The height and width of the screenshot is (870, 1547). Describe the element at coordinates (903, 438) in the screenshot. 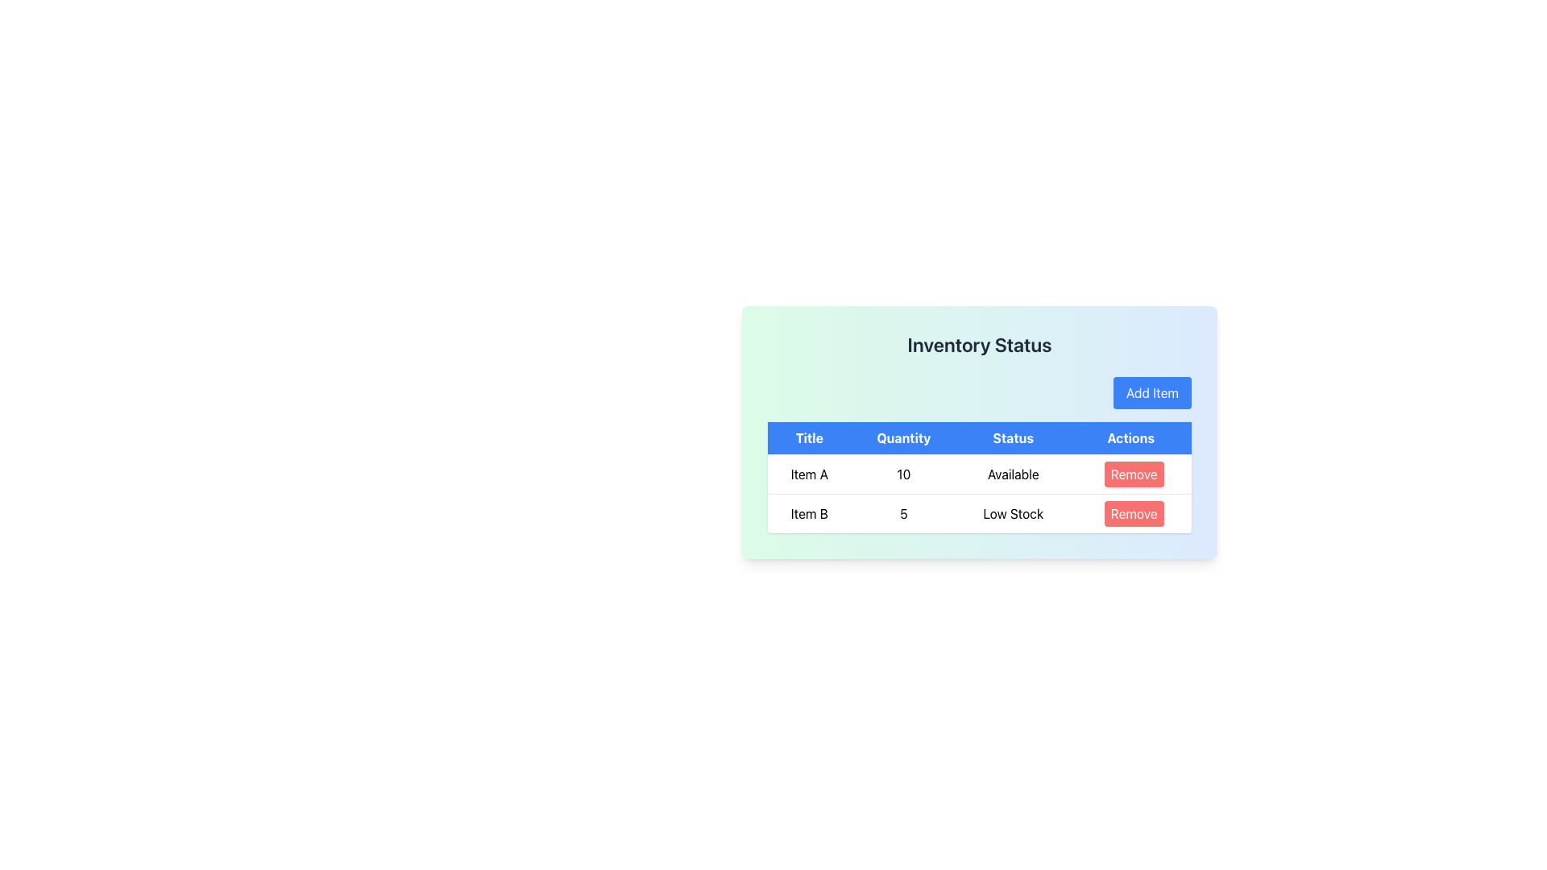

I see `the Text Label that serves as a header cell for the column displaying quantities of items in the table, positioned second from the left in the header row` at that location.